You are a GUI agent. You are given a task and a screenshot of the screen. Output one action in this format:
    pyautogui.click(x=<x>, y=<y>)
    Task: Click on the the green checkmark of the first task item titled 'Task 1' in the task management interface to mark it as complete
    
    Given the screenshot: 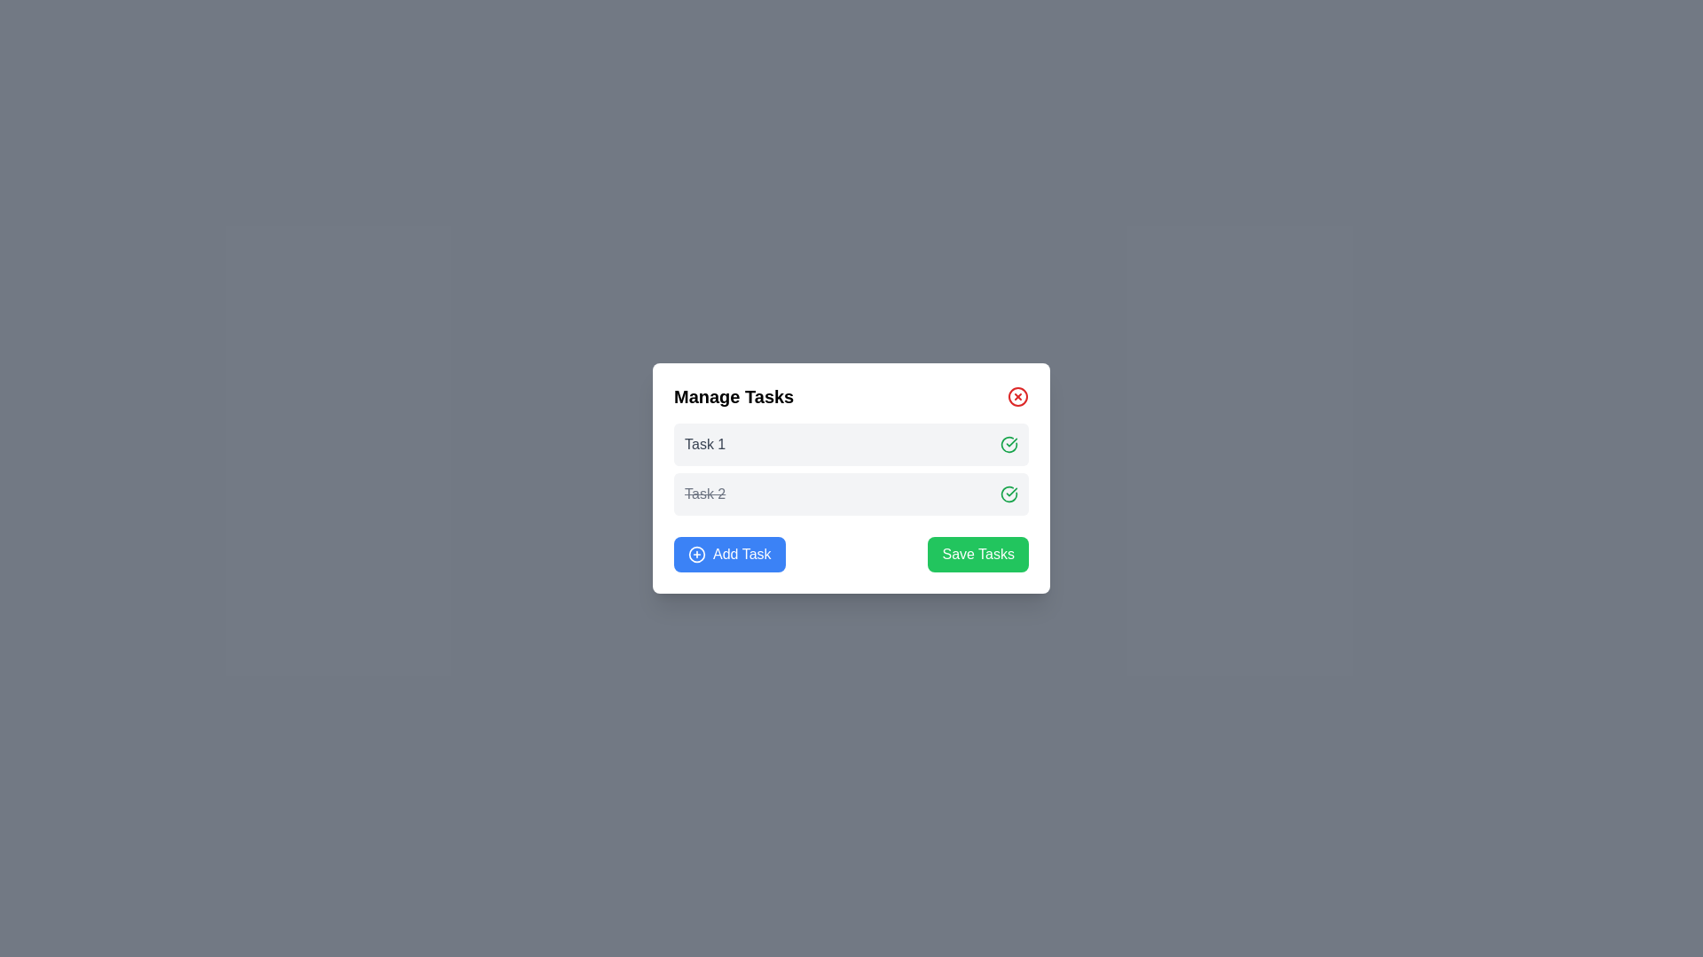 What is the action you would take?
    pyautogui.click(x=851, y=443)
    